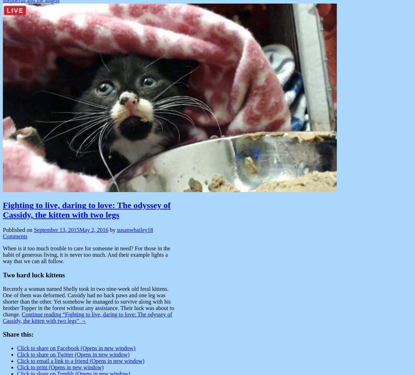 The height and width of the screenshot is (375, 415). What do you see at coordinates (80, 360) in the screenshot?
I see `'Click to email a link to a friend (Opens in new window)'` at bounding box center [80, 360].